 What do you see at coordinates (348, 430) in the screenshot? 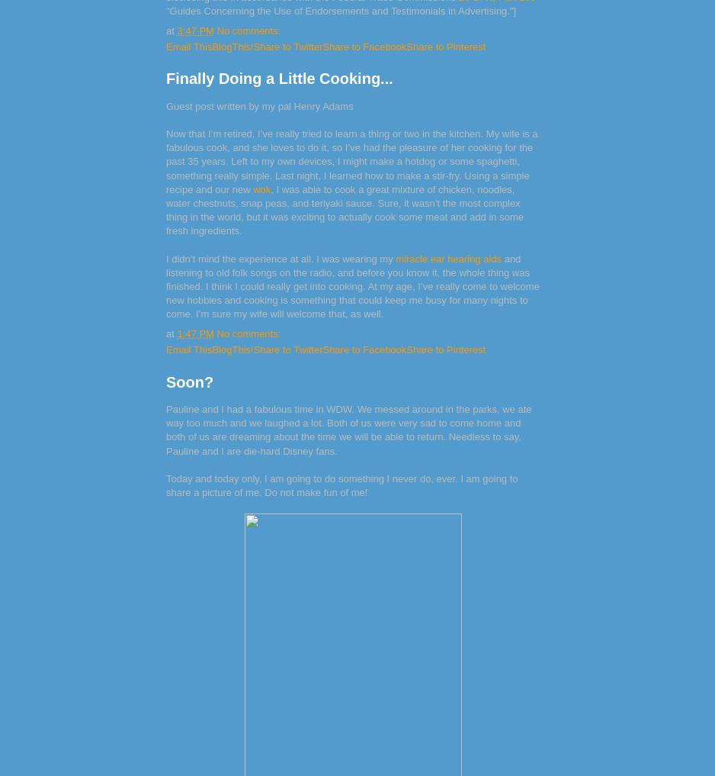
I see `'Pauline and I had a fabulous time in WDW. We messed around in the parks, we ate way too much and we laughed a lot. Both of us were very sad to come home and both of us are dreaming about the time we will be able to return. Needless to say, Pauline and I are die-hard Disney fans.'` at bounding box center [348, 430].